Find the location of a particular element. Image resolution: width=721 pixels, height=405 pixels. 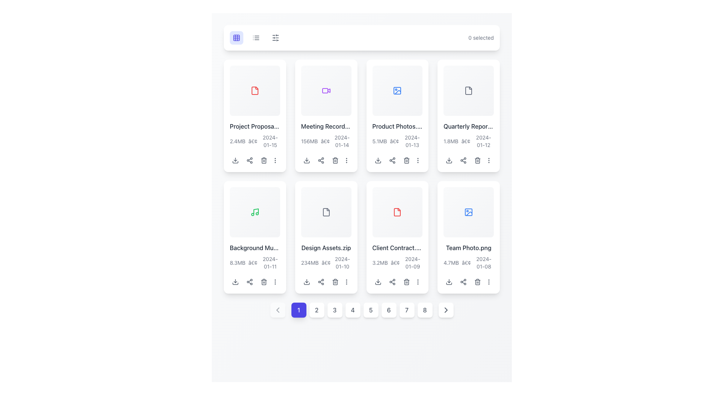

the button with a gray background and a list view icon, located between the grid-view icon button and the sliders icon button in the top-left section of the interface is located at coordinates (256, 37).